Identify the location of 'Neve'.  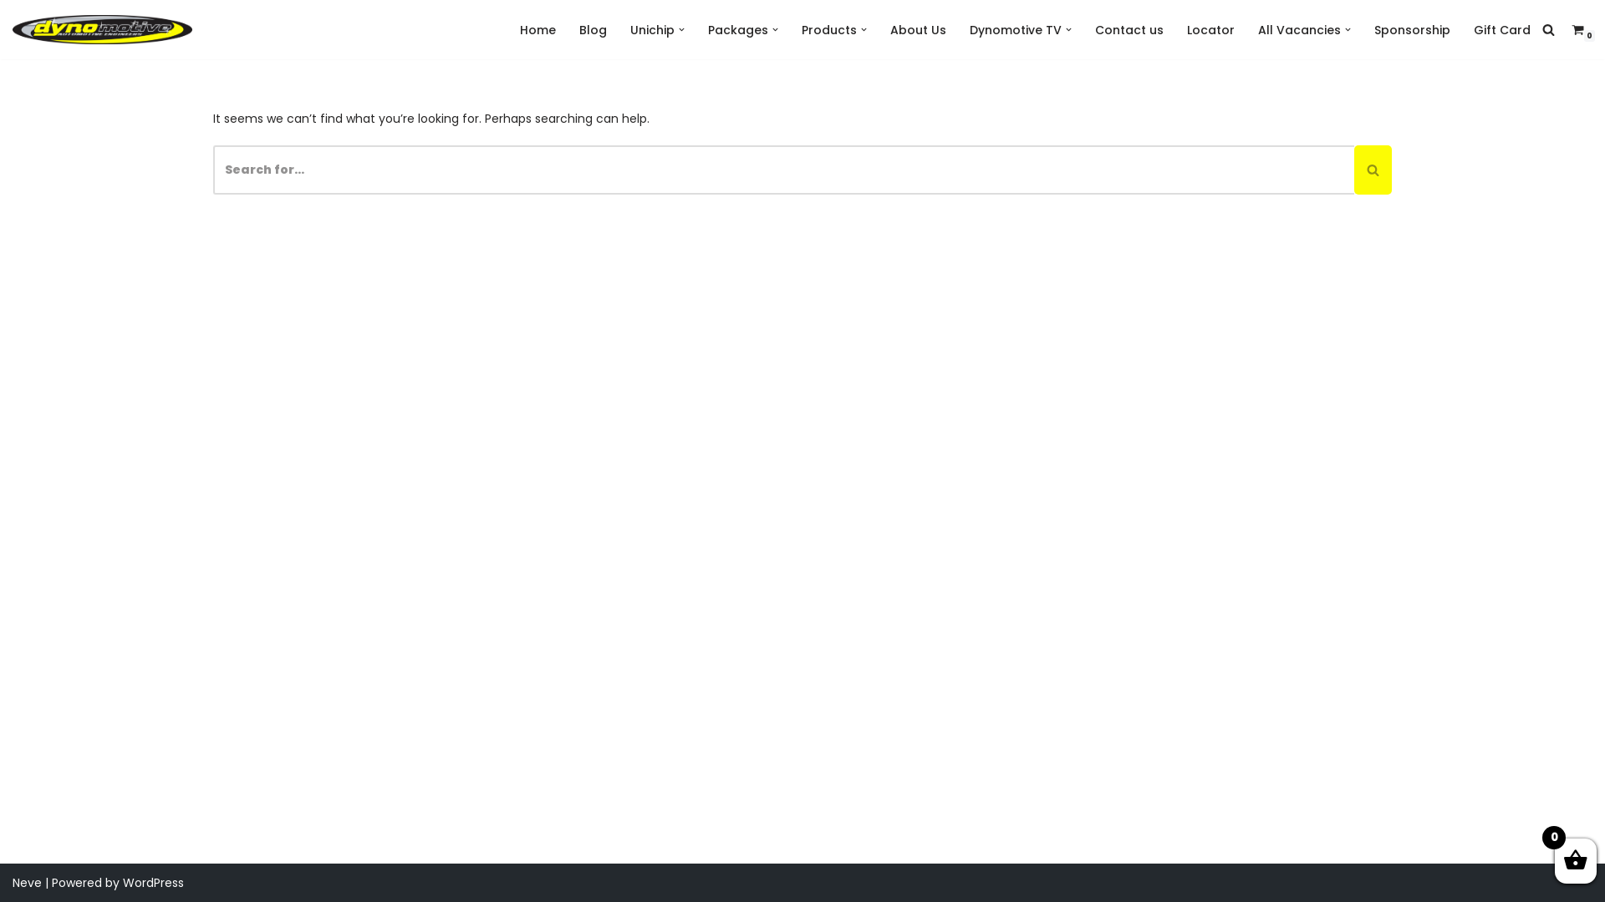
(12, 881).